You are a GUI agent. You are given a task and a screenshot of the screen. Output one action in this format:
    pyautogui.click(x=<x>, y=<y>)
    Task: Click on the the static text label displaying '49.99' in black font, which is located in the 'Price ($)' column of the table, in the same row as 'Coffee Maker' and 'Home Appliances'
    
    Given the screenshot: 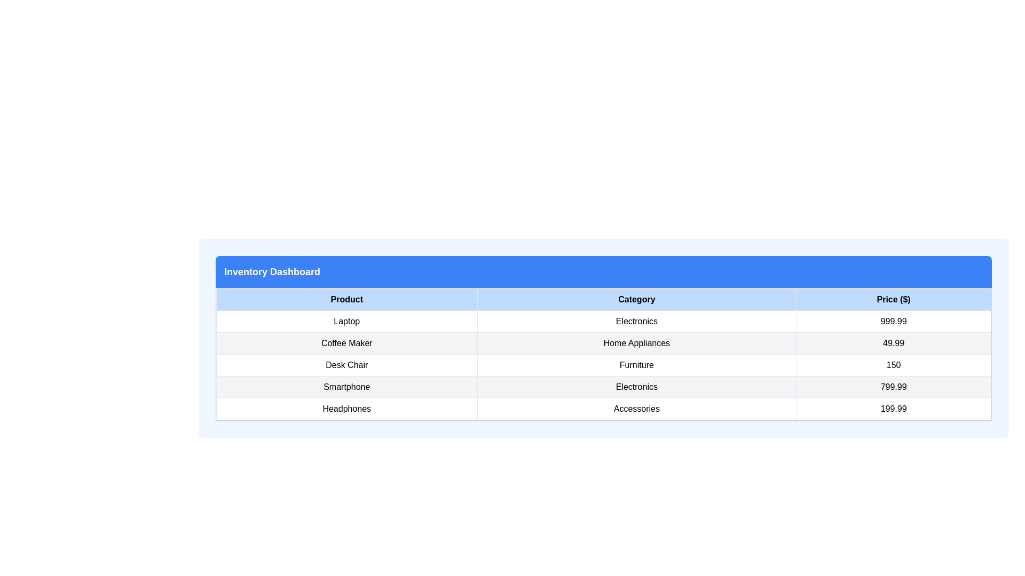 What is the action you would take?
    pyautogui.click(x=894, y=343)
    